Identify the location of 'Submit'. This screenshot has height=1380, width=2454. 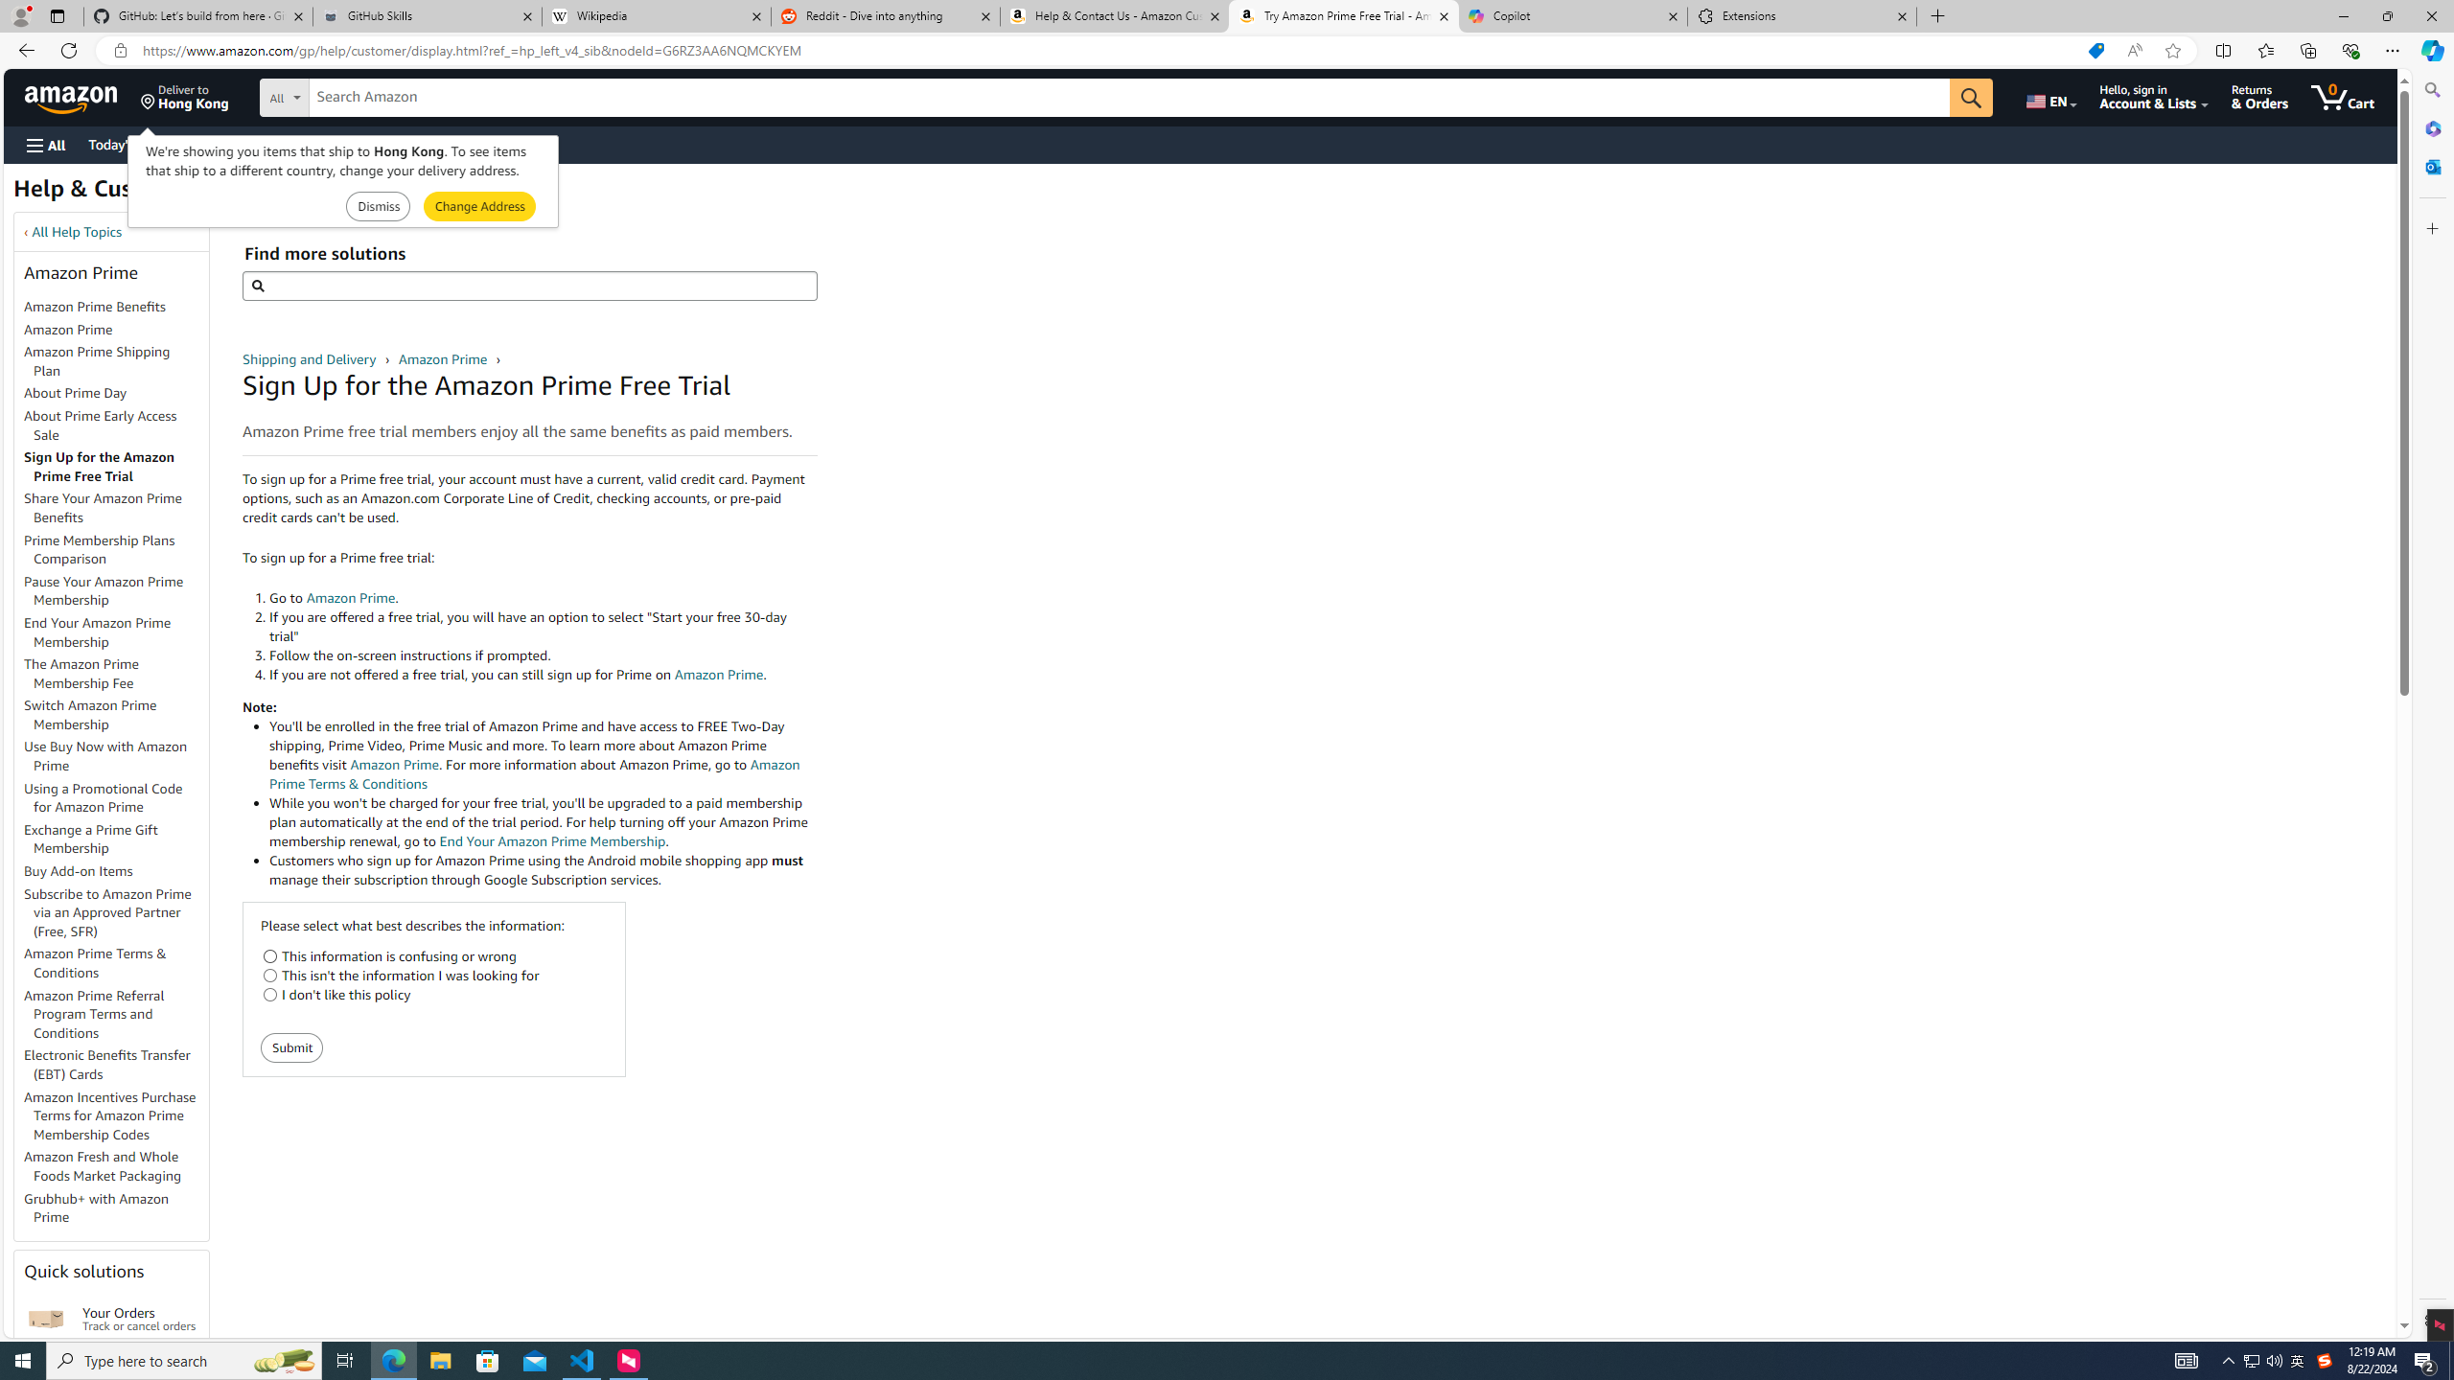
(292, 1046).